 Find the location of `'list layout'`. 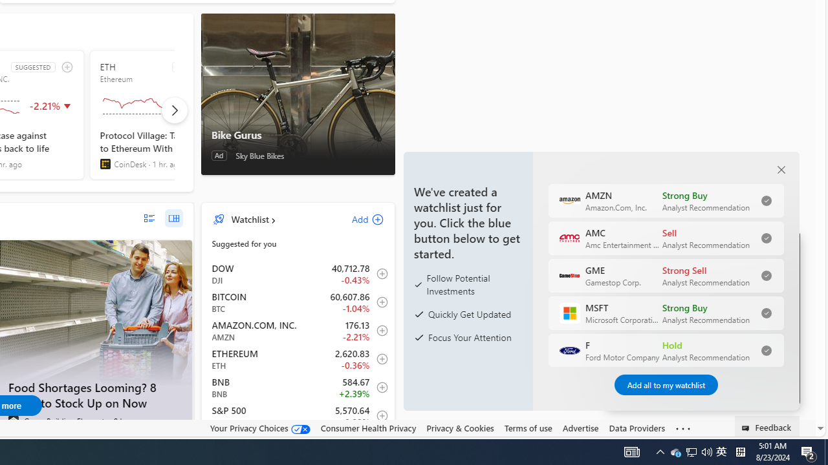

'list layout' is located at coordinates (149, 218).